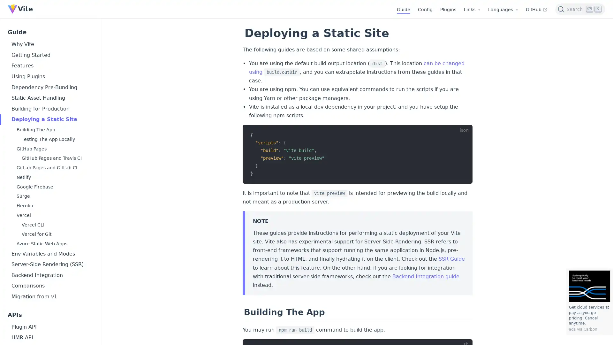 The image size is (613, 345). Describe the element at coordinates (472, 10) in the screenshot. I see `Links` at that location.